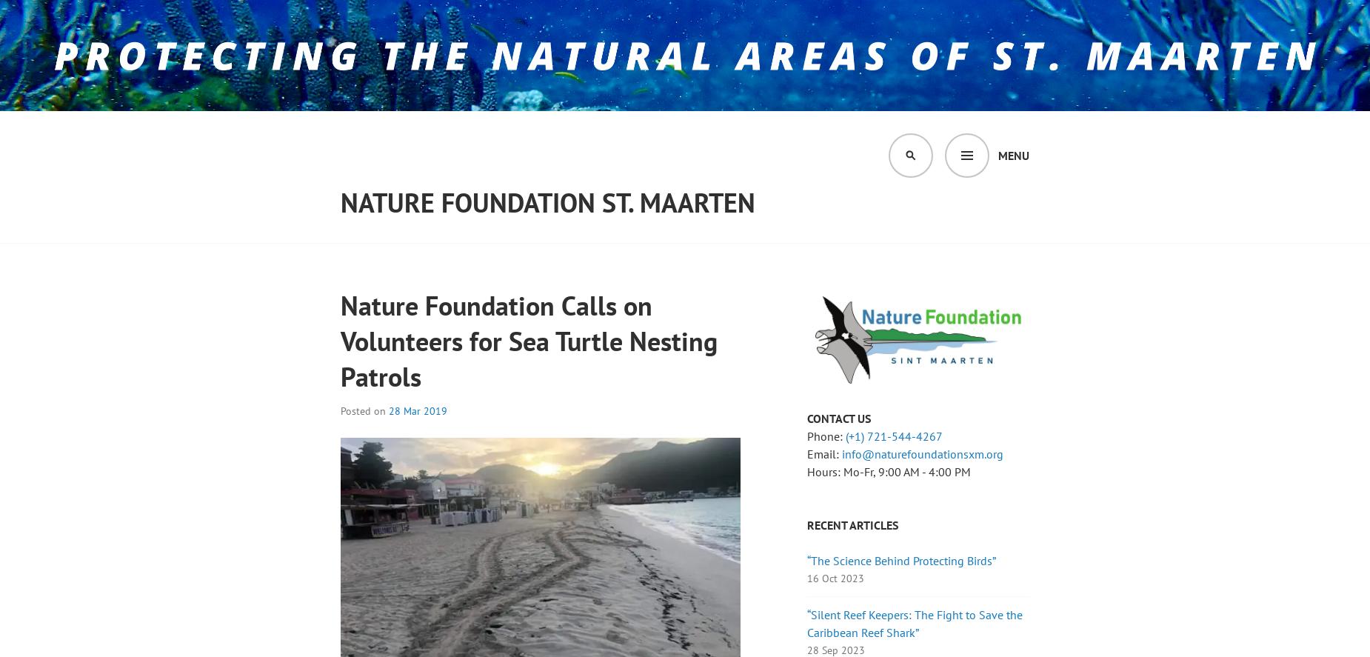  Describe the element at coordinates (364, 410) in the screenshot. I see `'Posted on'` at that location.